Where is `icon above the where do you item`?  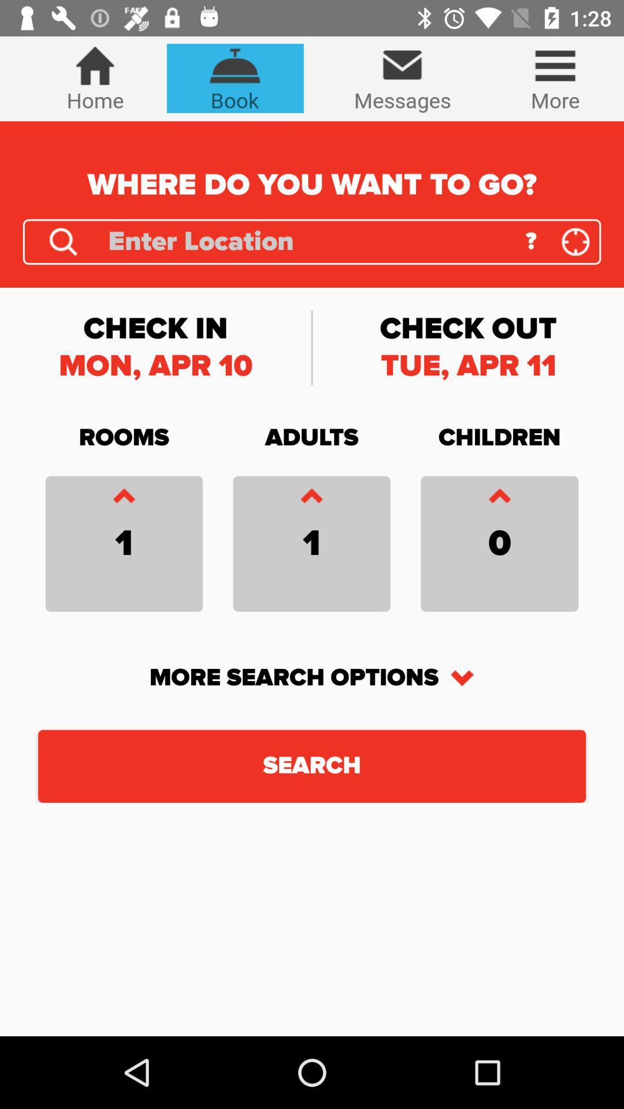
icon above the where do you item is located at coordinates (234, 77).